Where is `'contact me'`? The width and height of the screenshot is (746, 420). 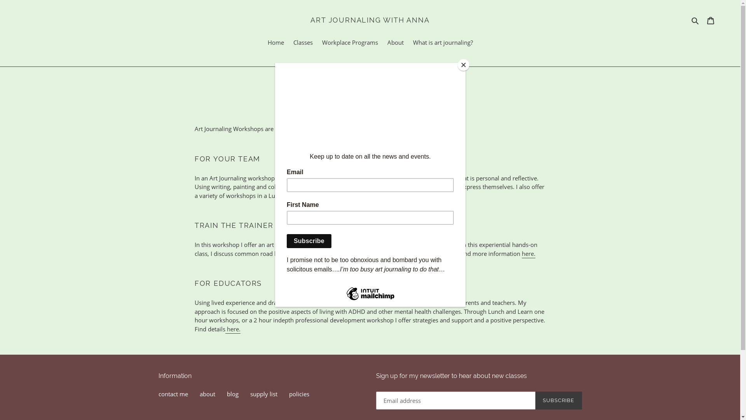 'contact me' is located at coordinates (173, 394).